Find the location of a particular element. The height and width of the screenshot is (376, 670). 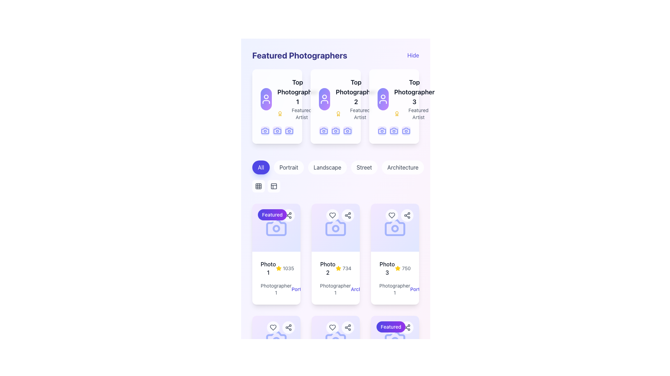

the gray square-shaped icon button depicting a grid layout is located at coordinates (274, 186).